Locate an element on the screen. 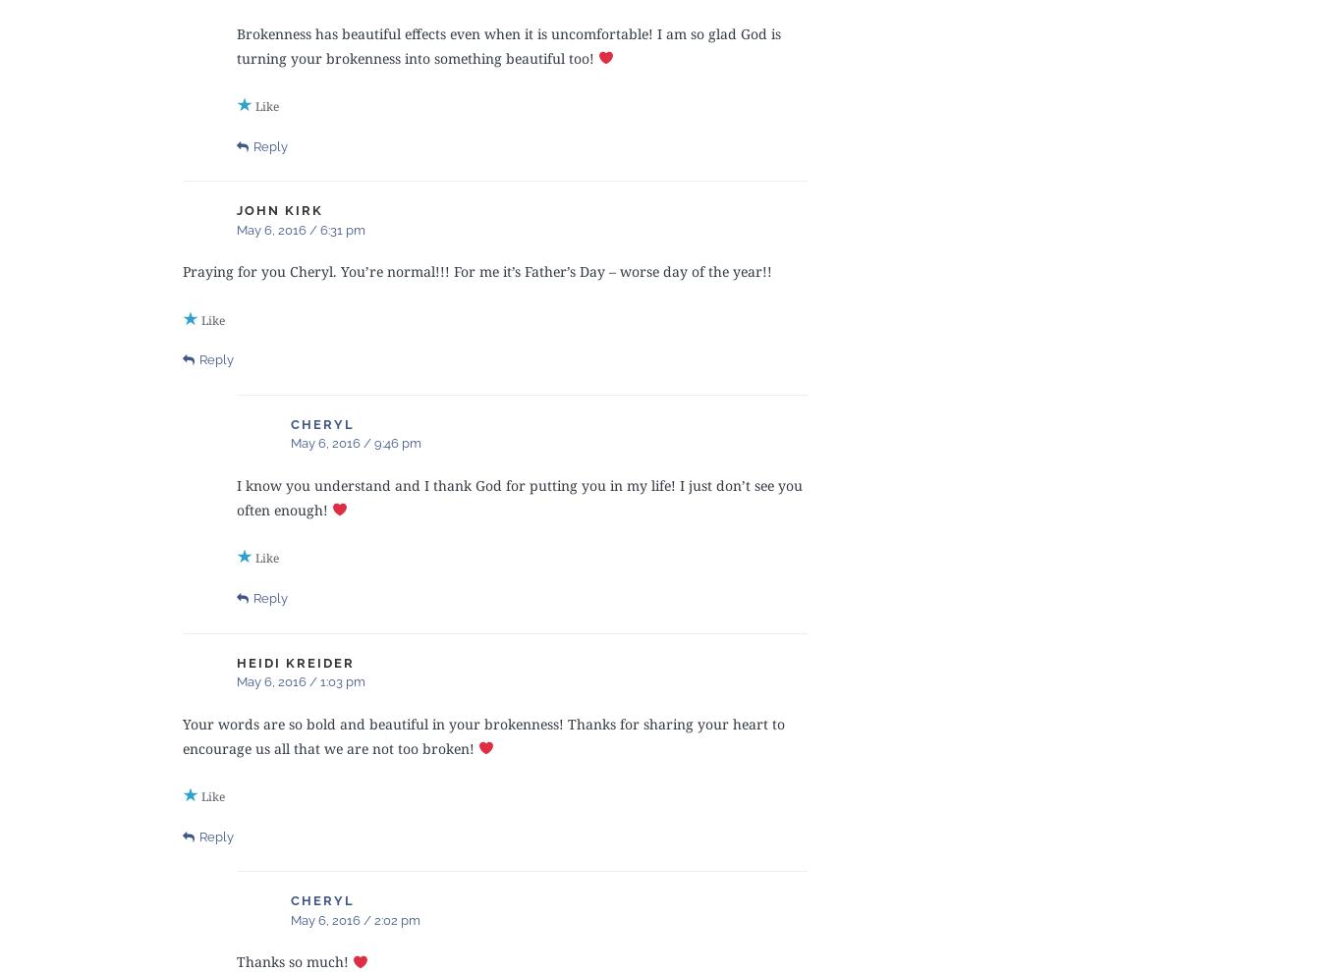 This screenshot has width=1342, height=972. 'John Kirk' is located at coordinates (279, 209).